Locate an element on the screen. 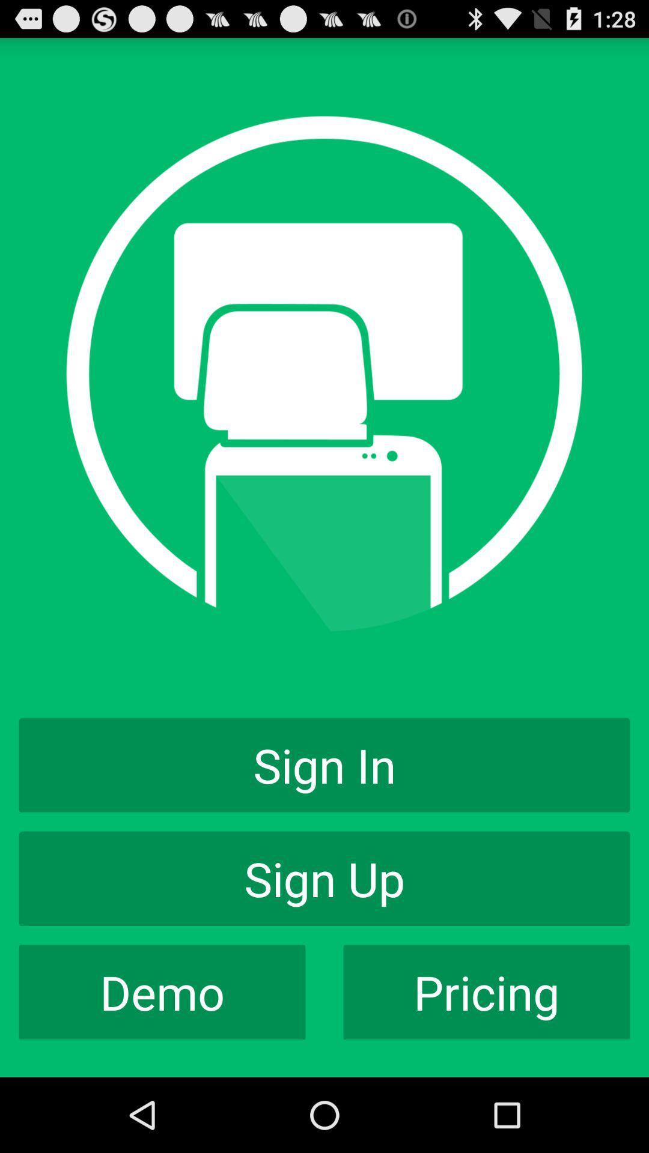  the item next to demo is located at coordinates (487, 992).